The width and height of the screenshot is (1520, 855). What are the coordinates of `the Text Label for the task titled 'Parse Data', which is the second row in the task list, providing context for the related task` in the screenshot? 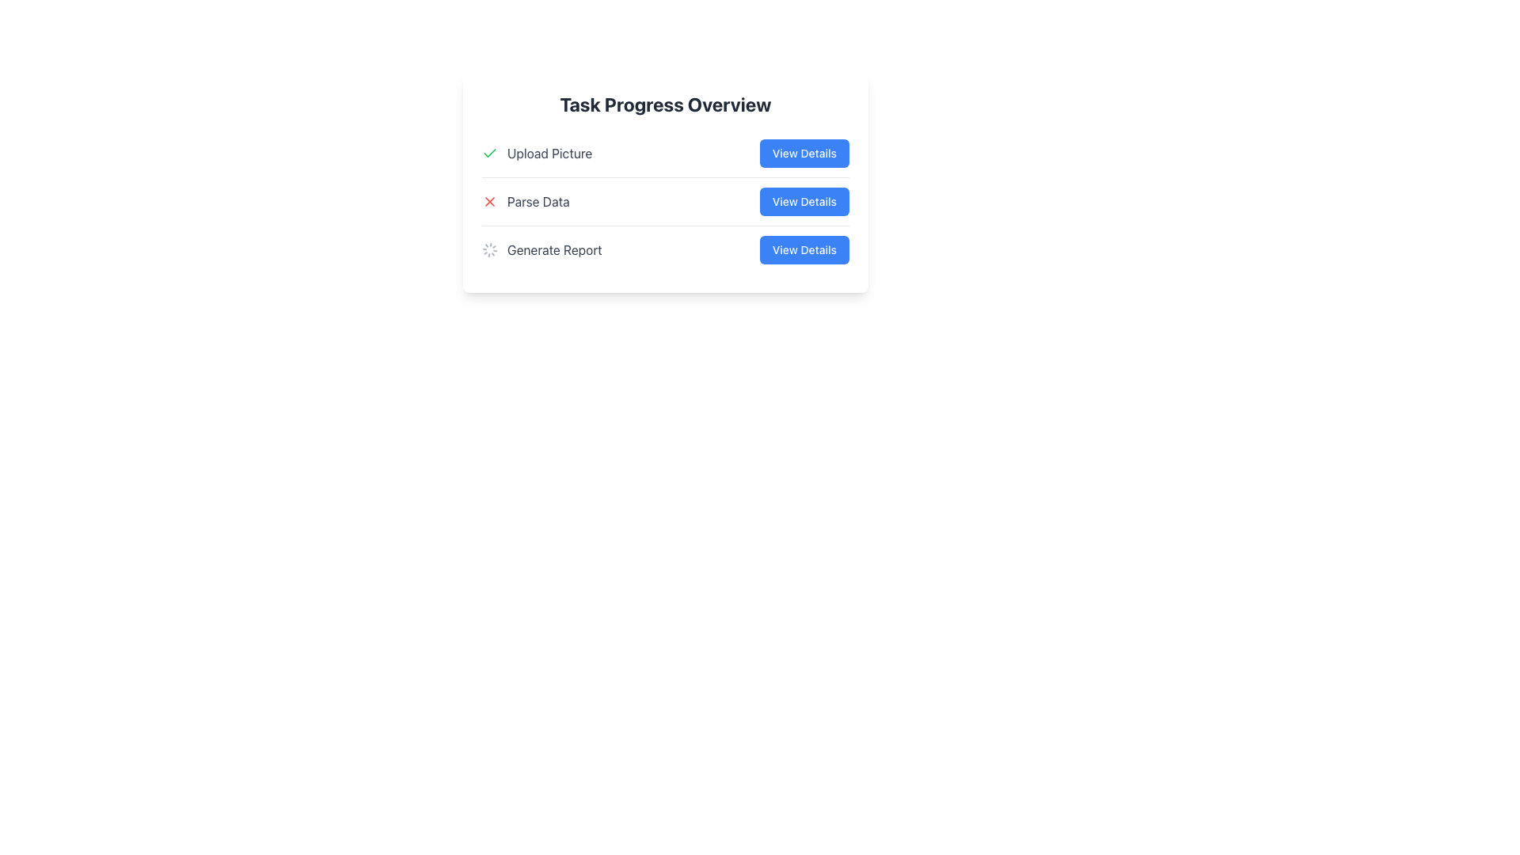 It's located at (538, 200).